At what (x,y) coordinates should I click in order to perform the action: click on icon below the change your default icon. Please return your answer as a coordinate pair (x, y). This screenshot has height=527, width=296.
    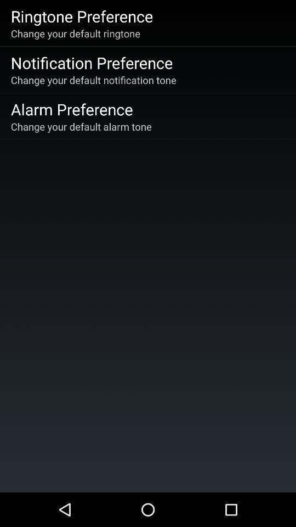
    Looking at the image, I should click on (91, 63).